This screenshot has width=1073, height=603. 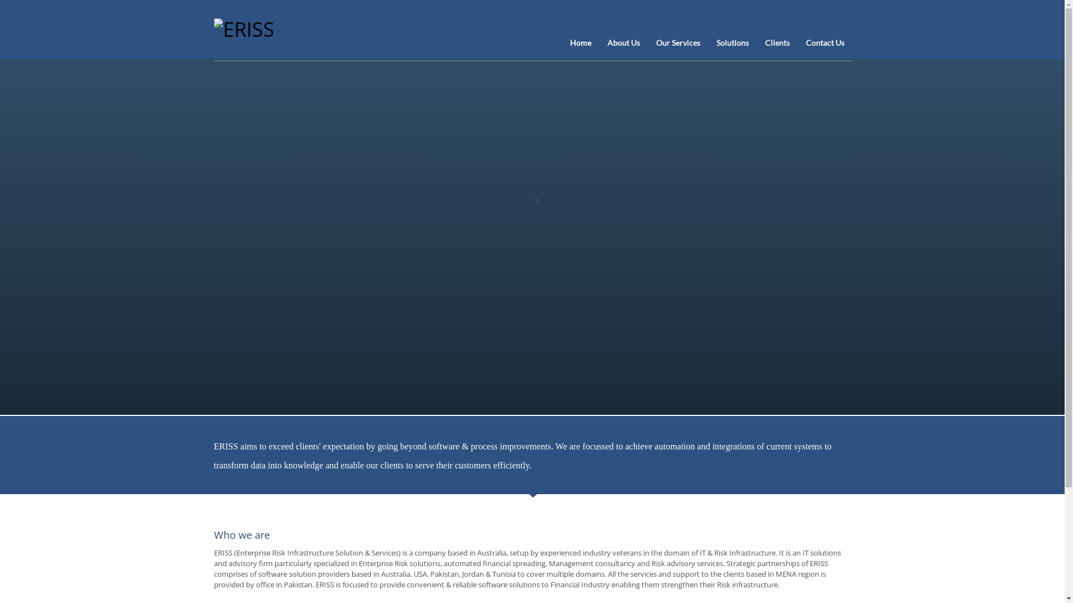 I want to click on 'Contact Us', so click(x=825, y=42).